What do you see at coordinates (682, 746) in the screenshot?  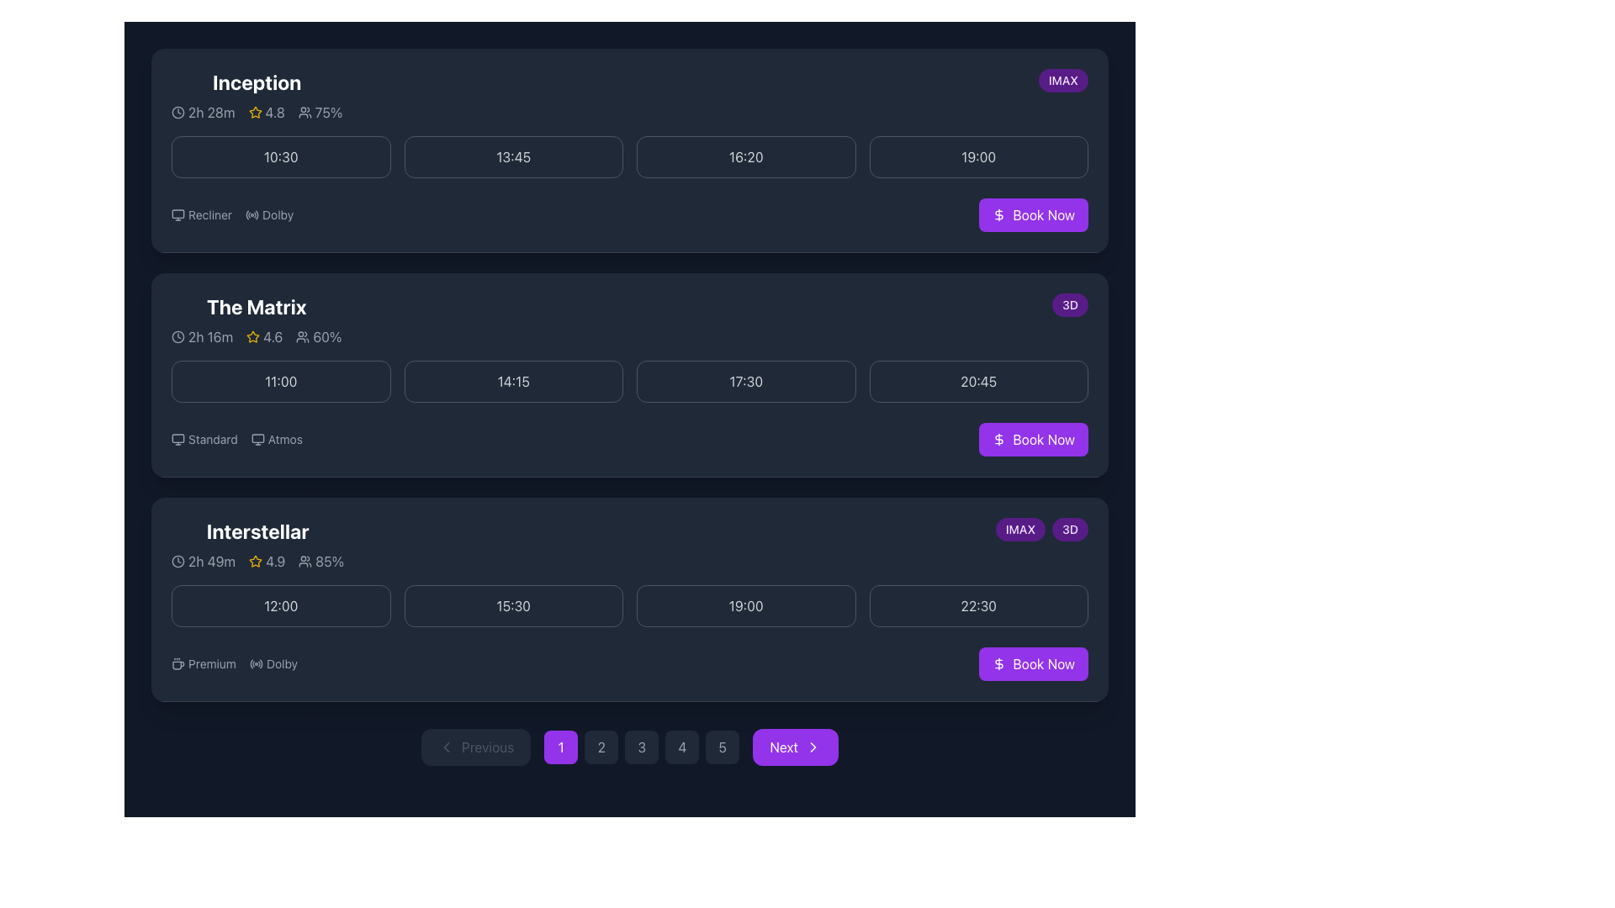 I see `the fourth pagination button` at bounding box center [682, 746].